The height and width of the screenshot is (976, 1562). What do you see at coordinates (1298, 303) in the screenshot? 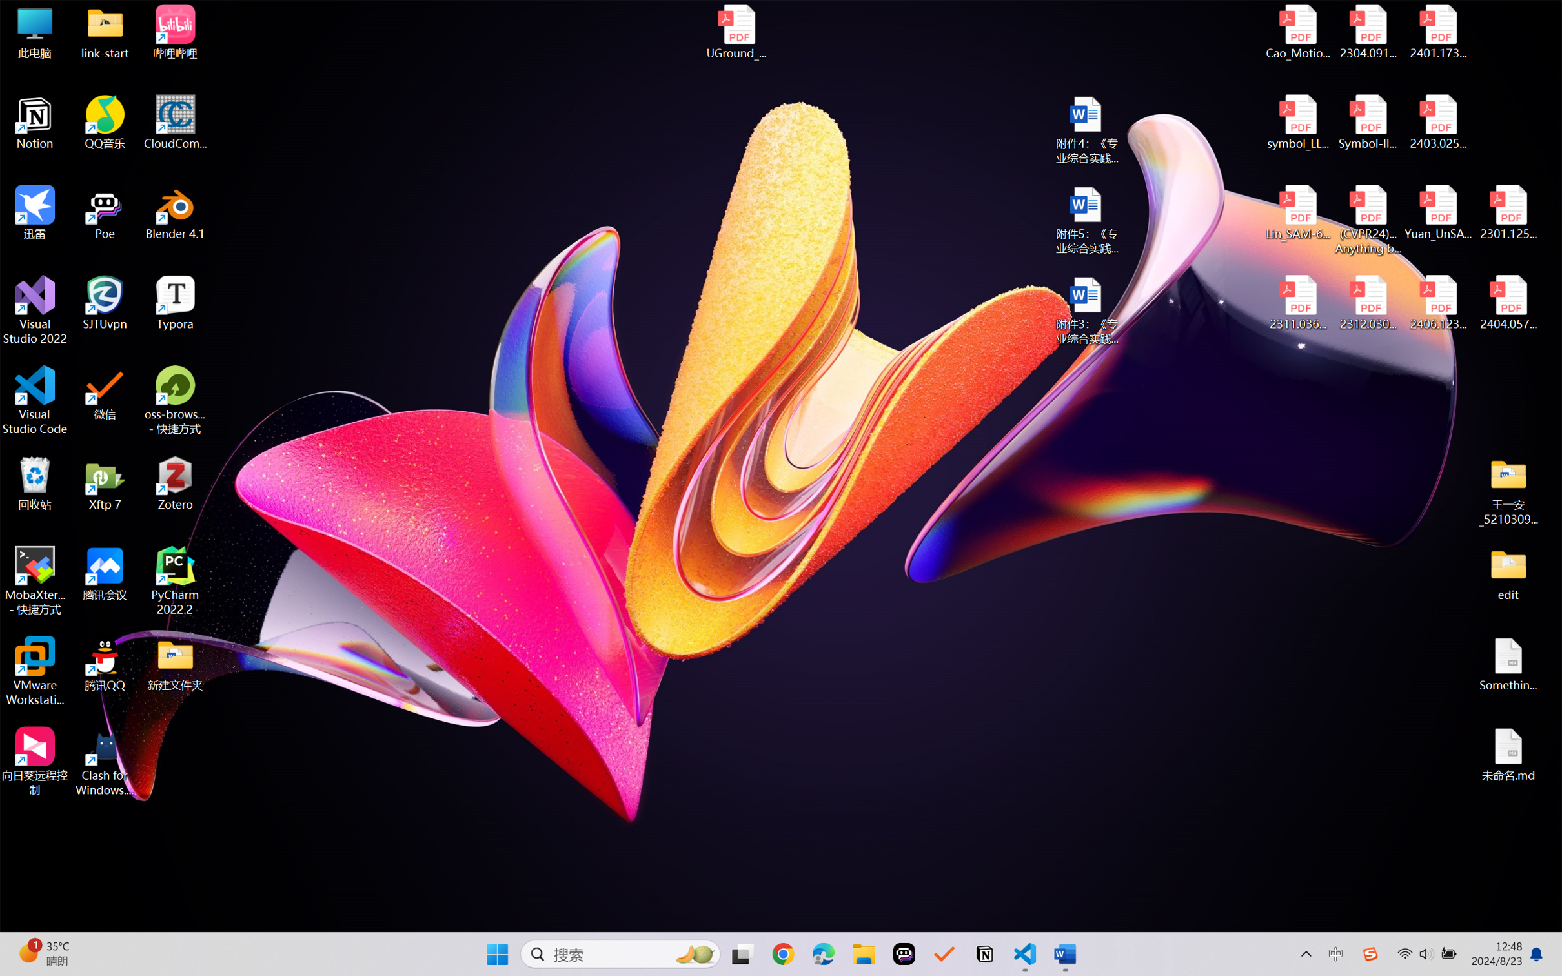
I see `'2311.03658v2.pdf'` at bounding box center [1298, 303].